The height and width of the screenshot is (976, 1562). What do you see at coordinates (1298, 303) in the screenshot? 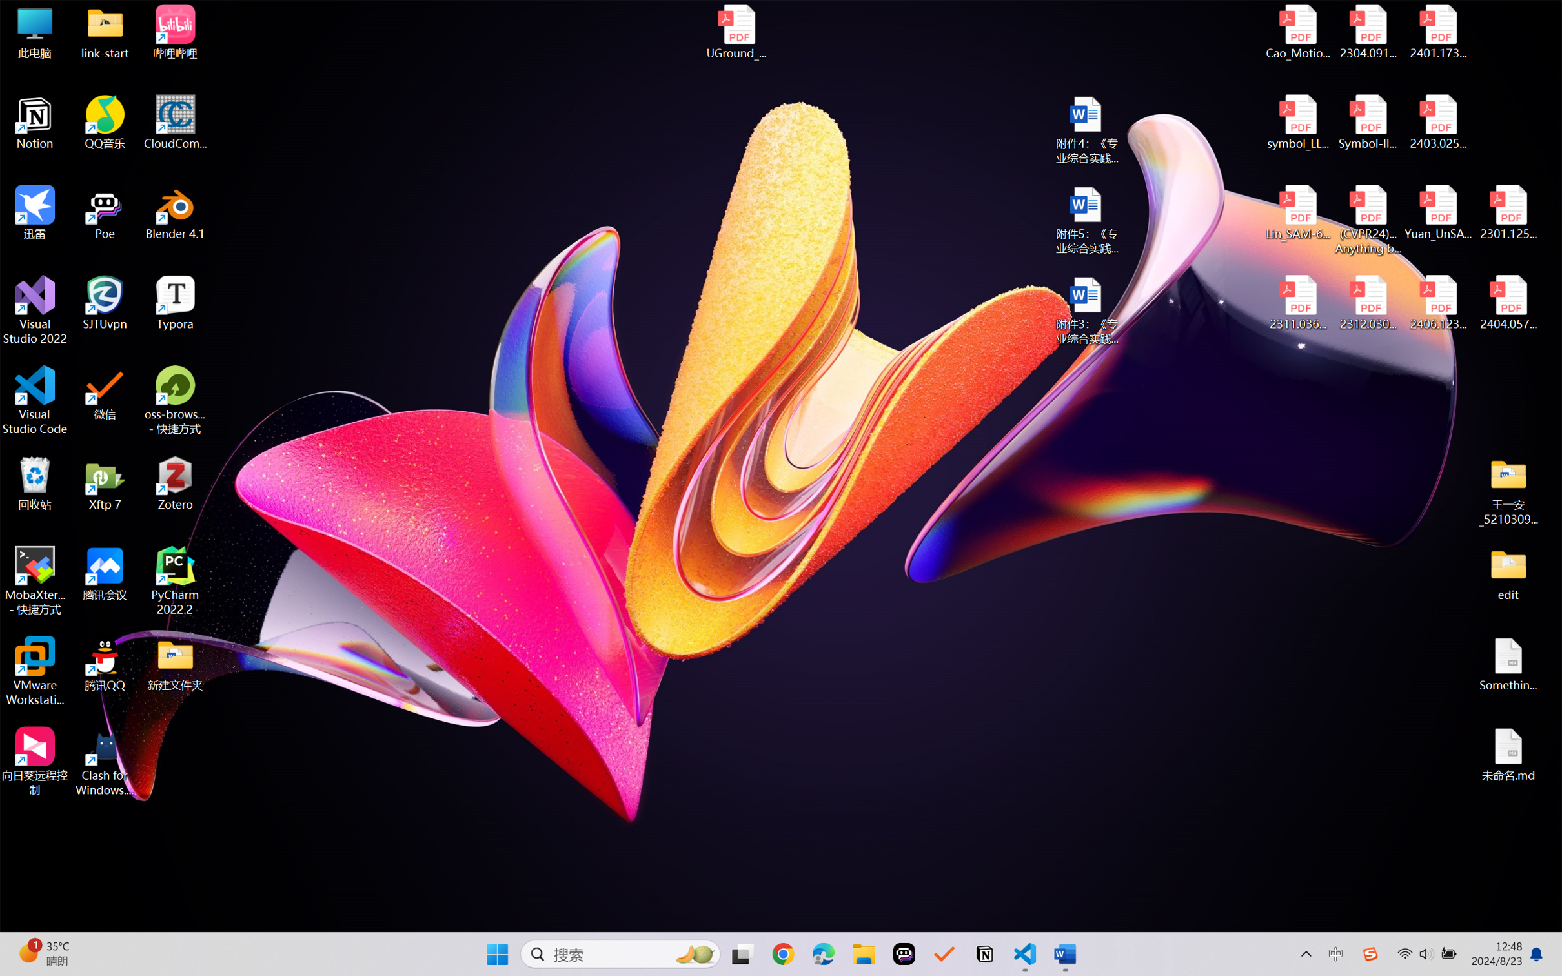
I see `'2311.03658v2.pdf'` at bounding box center [1298, 303].